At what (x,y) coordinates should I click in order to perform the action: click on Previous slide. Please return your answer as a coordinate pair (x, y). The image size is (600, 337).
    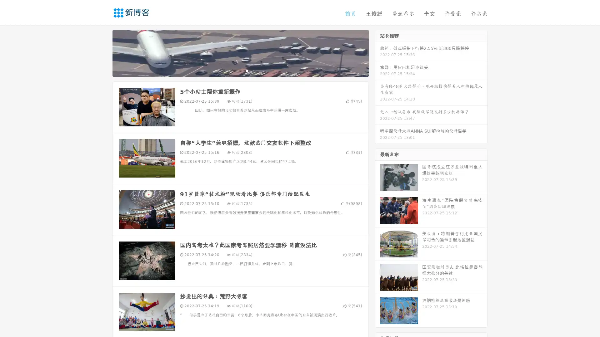
    Looking at the image, I should click on (103, 52).